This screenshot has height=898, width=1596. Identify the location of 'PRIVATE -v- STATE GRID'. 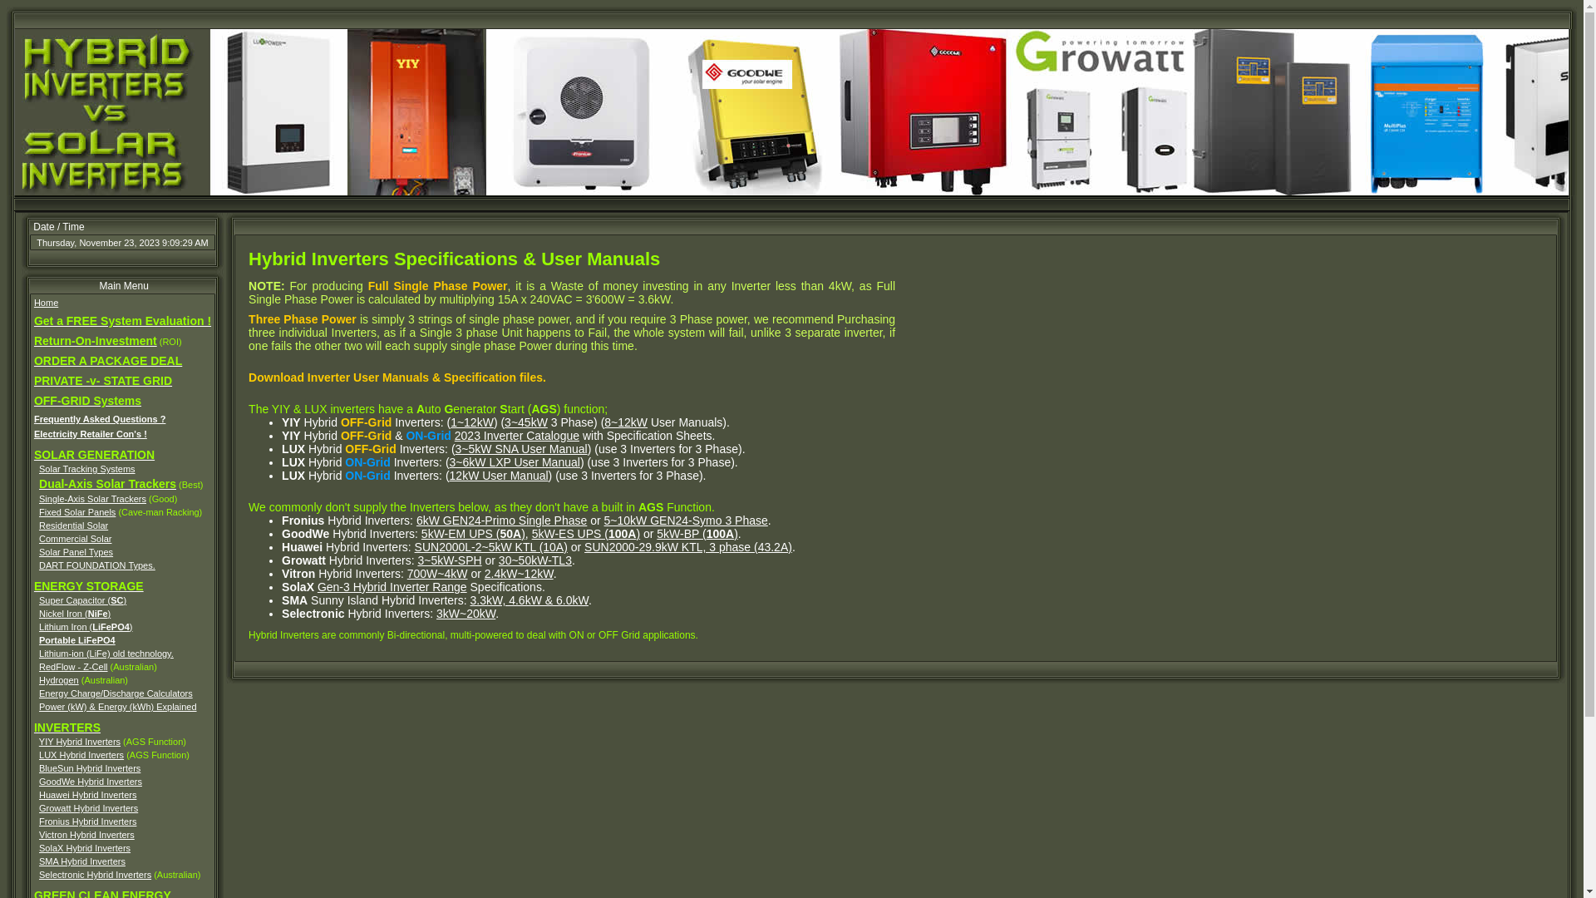
(102, 382).